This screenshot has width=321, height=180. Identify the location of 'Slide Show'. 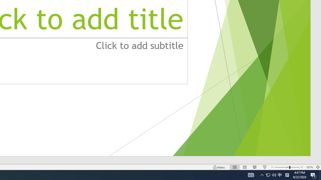
(265, 167).